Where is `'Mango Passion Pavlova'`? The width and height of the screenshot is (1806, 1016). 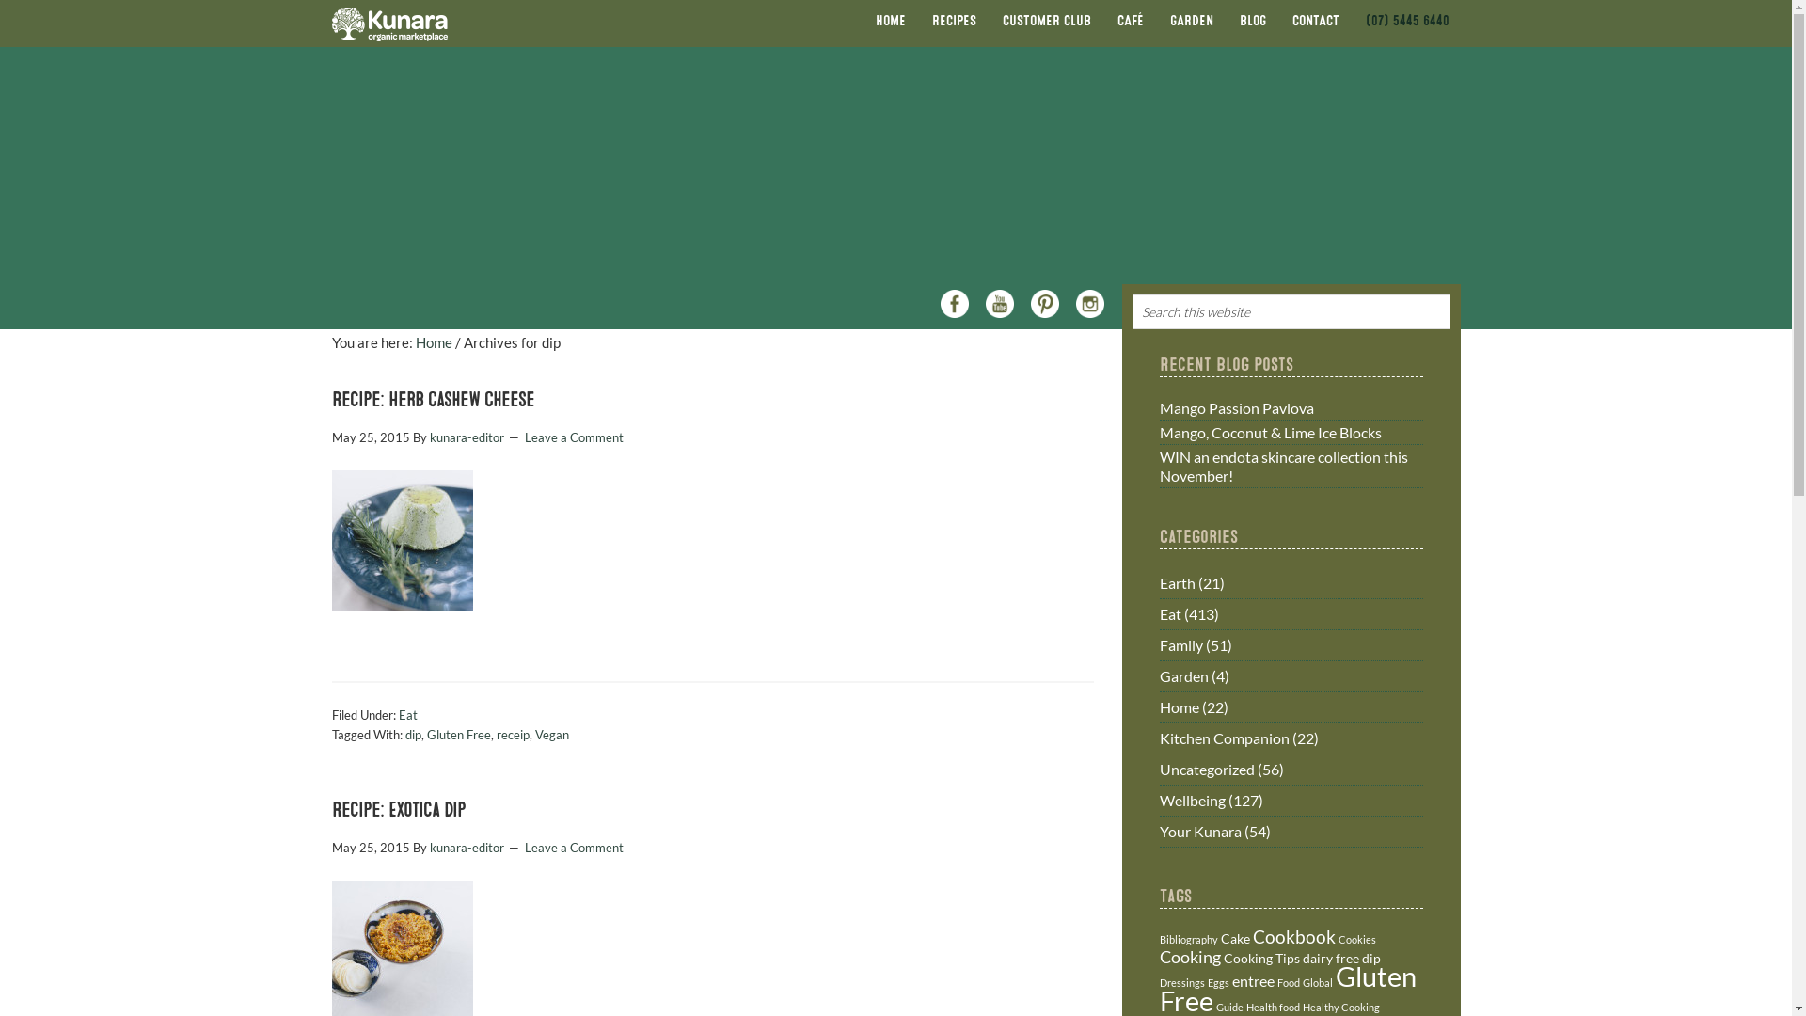 'Mango Passion Pavlova' is located at coordinates (1236, 406).